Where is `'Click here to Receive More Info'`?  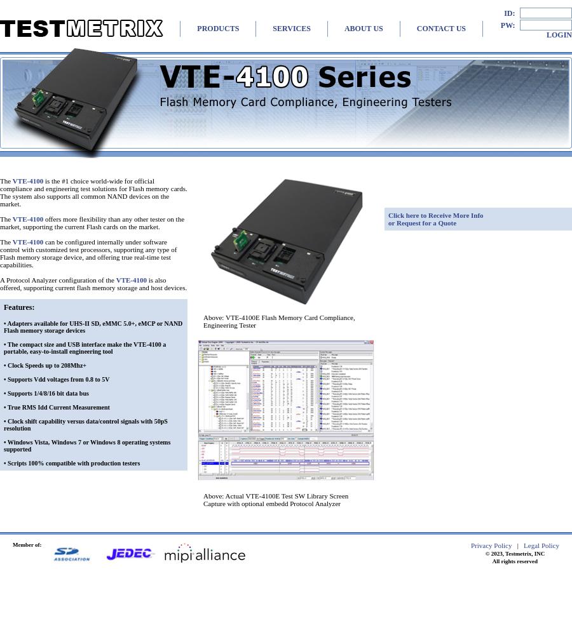
'Click here to Receive More Info' is located at coordinates (435, 215).